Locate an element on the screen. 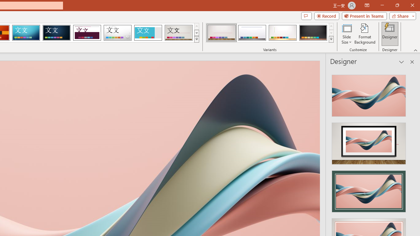 The image size is (420, 236). 'Circuit' is located at coordinates (26, 33).